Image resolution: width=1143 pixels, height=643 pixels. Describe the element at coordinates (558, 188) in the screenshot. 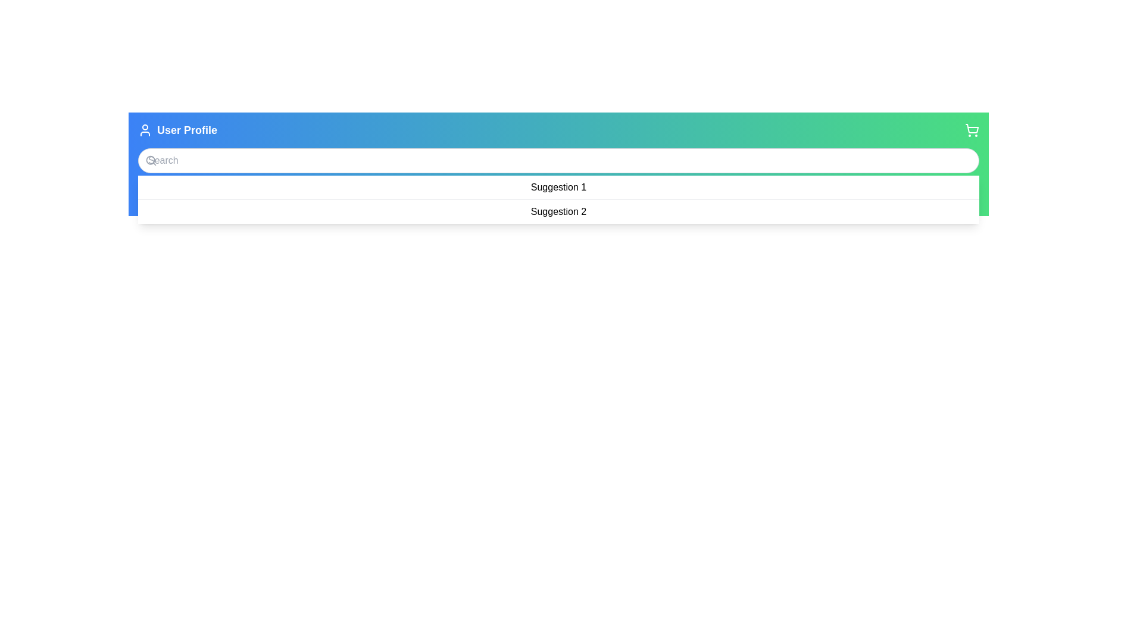

I see `the first selectable suggestion in the dropdown menu located below the search bar` at that location.